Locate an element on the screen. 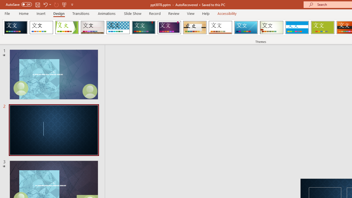 The image size is (352, 198). 'Wisp' is located at coordinates (271, 28).